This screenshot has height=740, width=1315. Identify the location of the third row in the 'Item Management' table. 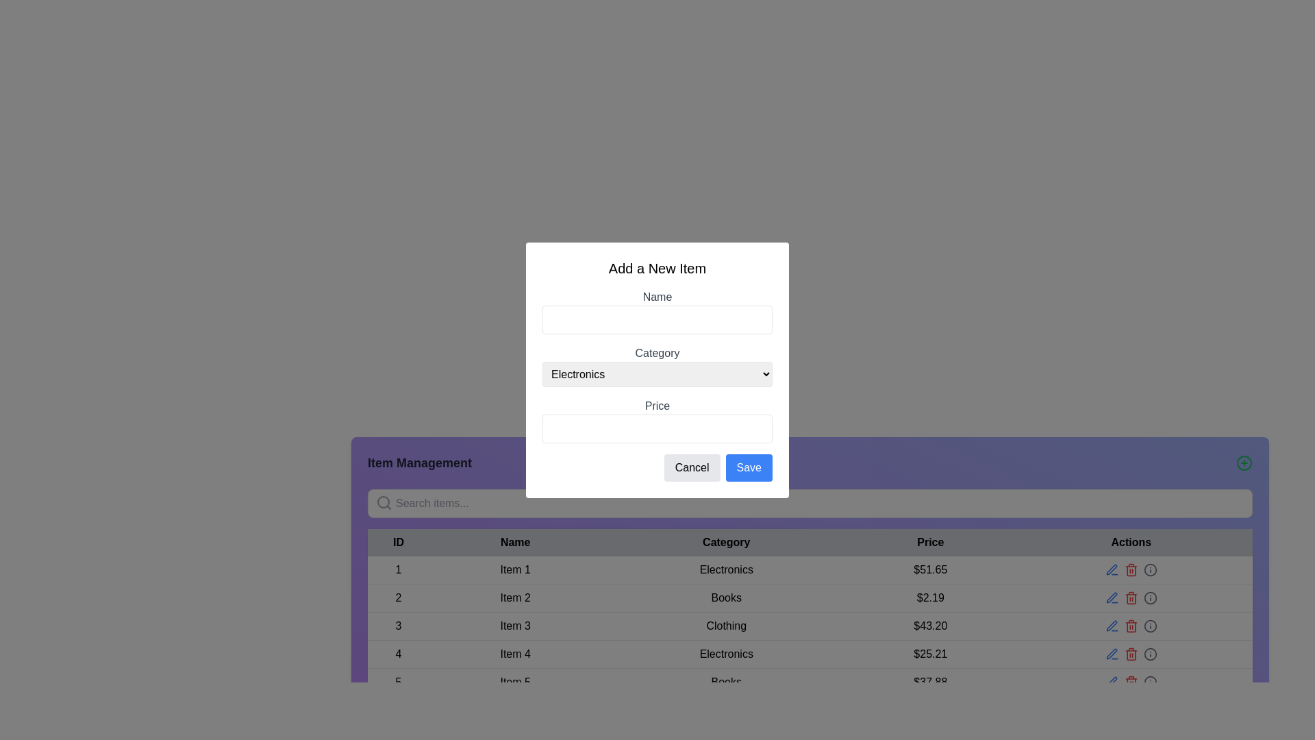
(810, 626).